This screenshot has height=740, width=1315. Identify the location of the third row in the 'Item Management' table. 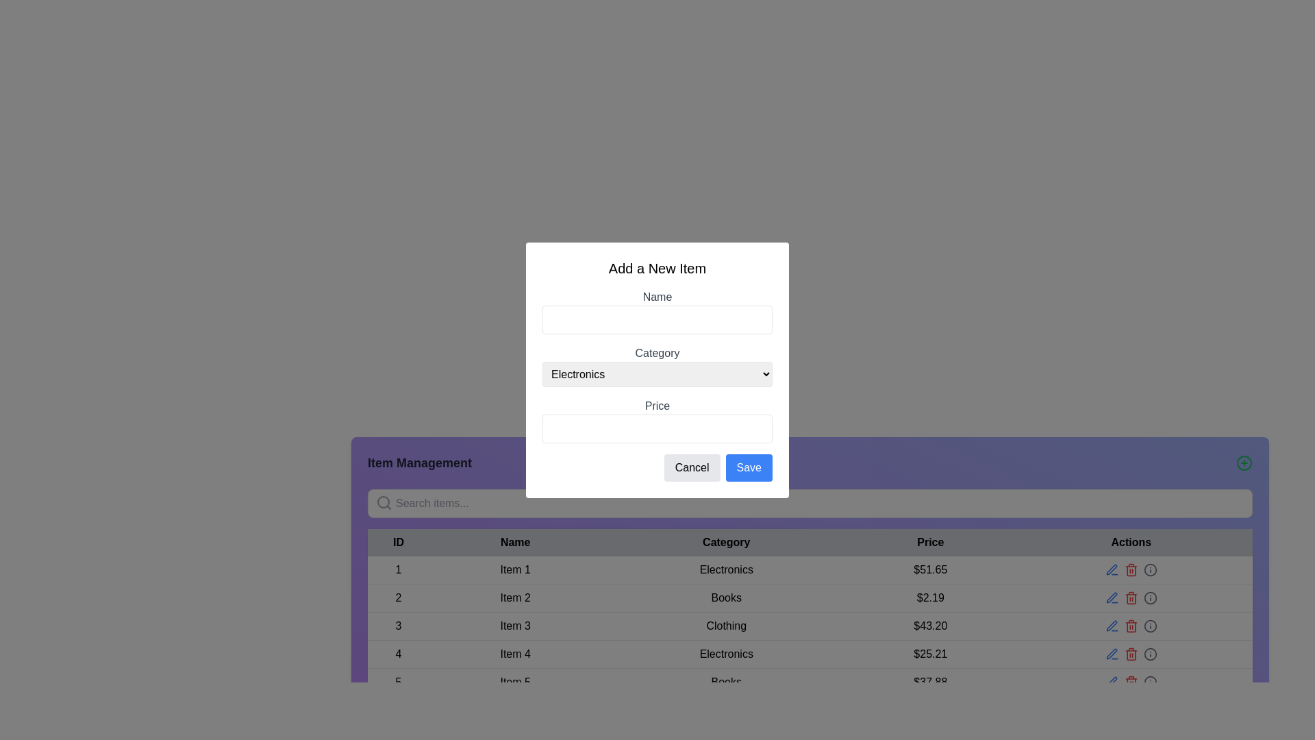
(810, 626).